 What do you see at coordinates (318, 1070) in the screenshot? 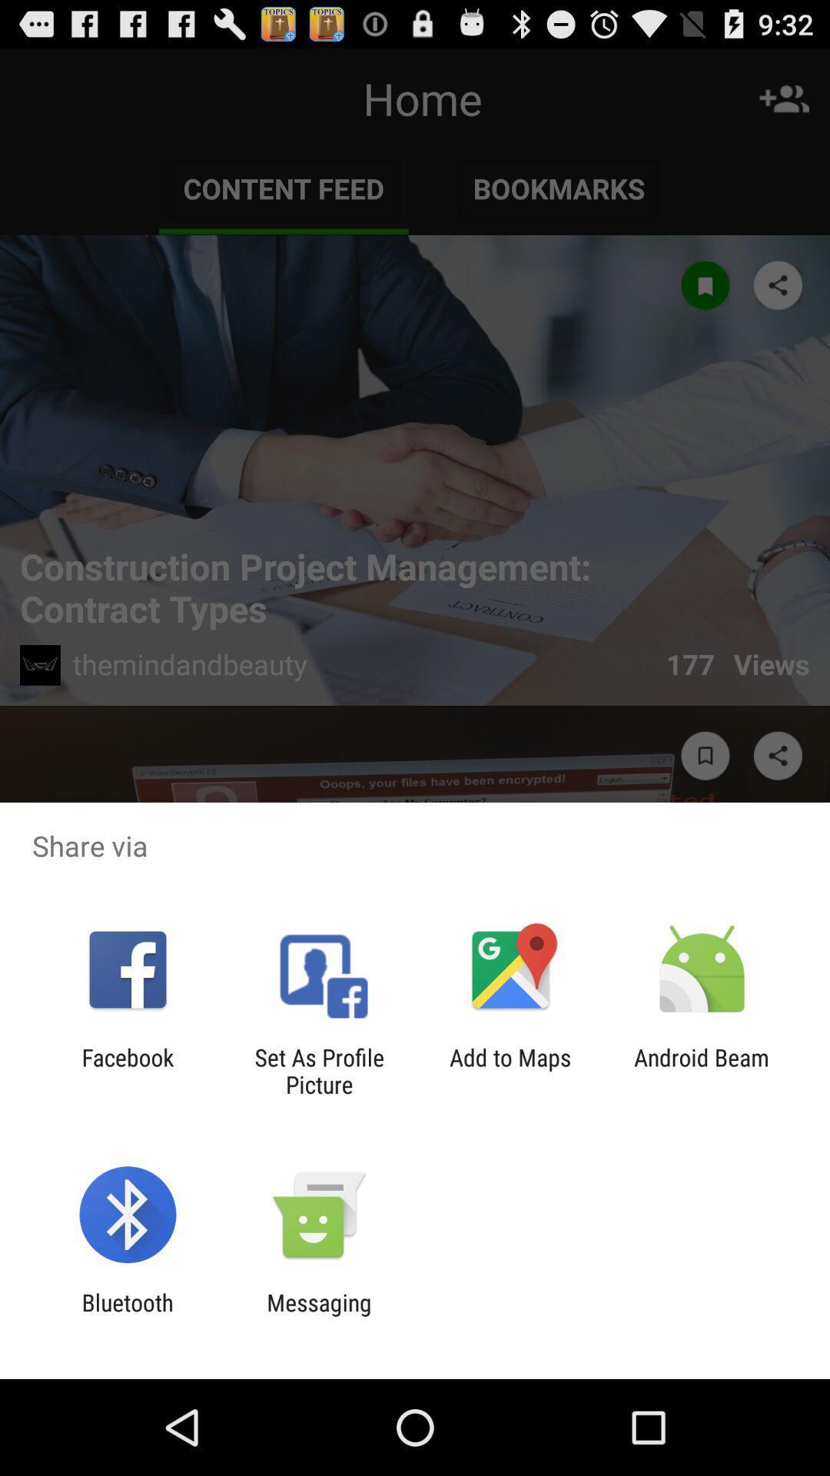
I see `app next to facebook` at bounding box center [318, 1070].